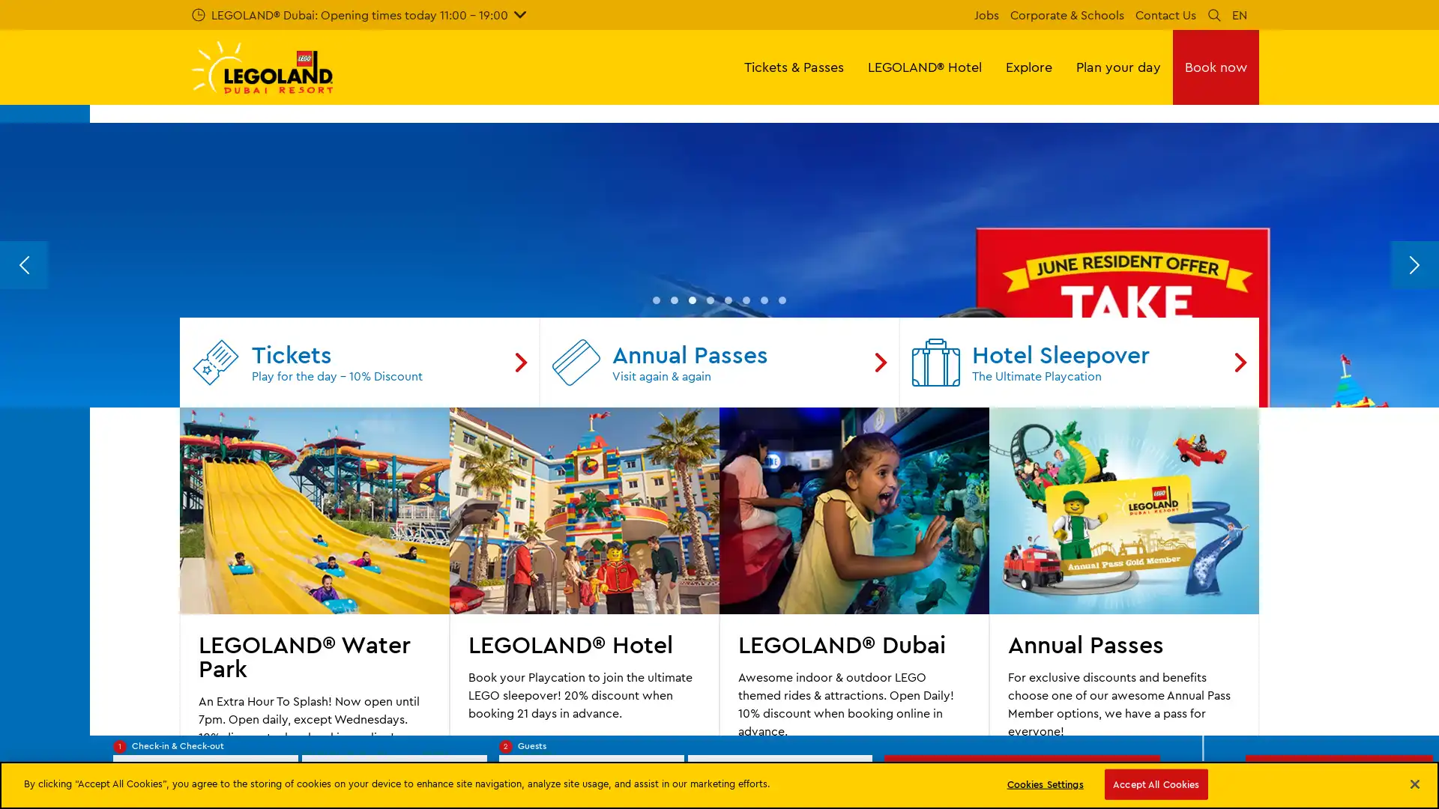 The width and height of the screenshot is (1439, 809). What do you see at coordinates (1214, 14) in the screenshot?
I see `Search` at bounding box center [1214, 14].